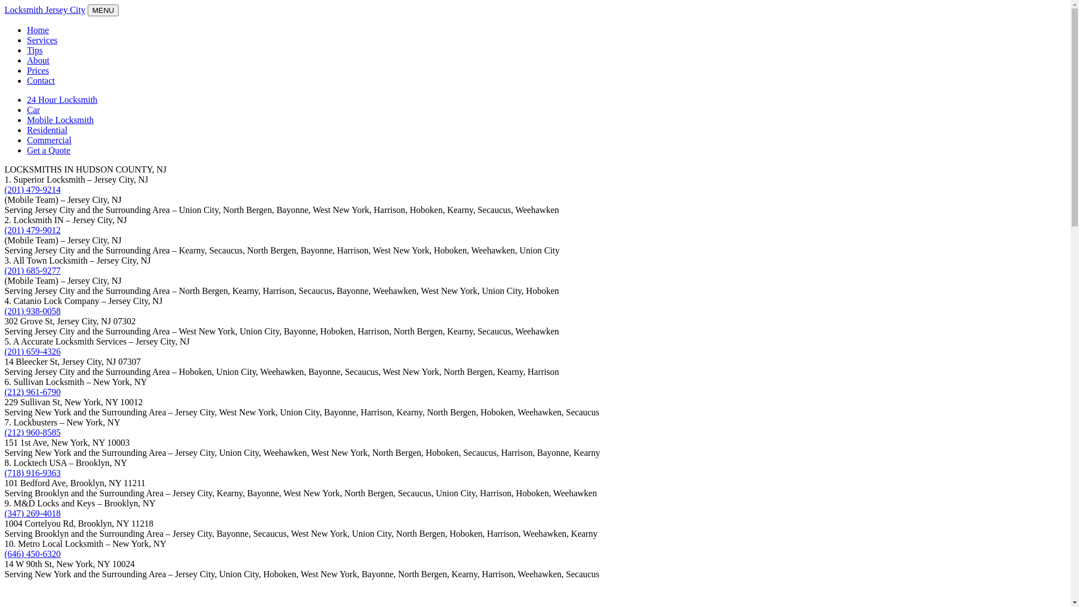 Image resolution: width=1079 pixels, height=607 pixels. Describe the element at coordinates (46, 129) in the screenshot. I see `'Residential'` at that location.